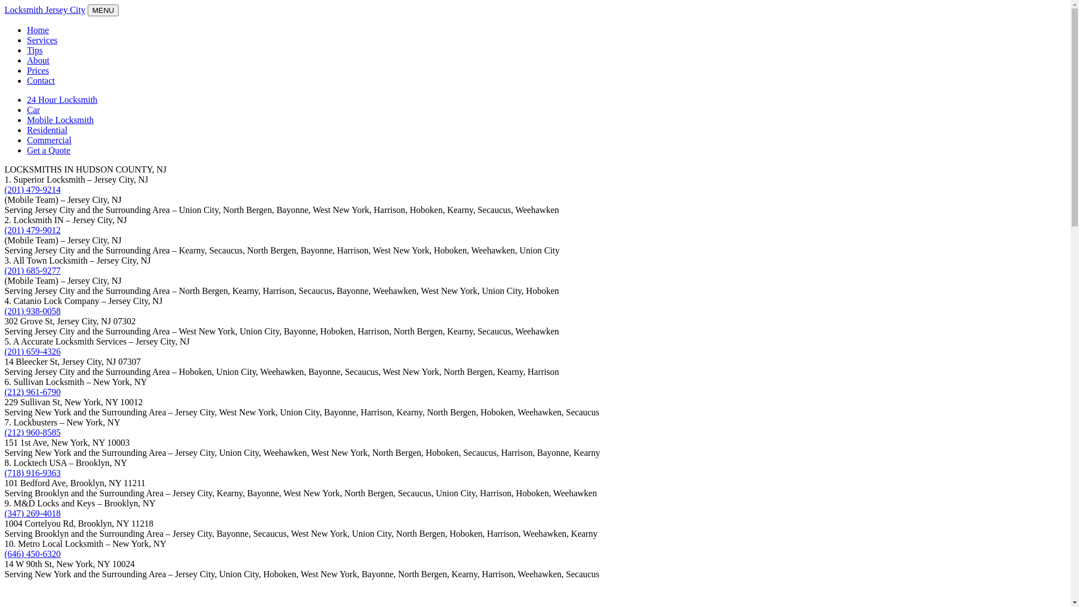 Image resolution: width=1079 pixels, height=607 pixels. Describe the element at coordinates (46, 129) in the screenshot. I see `'Residential'` at that location.